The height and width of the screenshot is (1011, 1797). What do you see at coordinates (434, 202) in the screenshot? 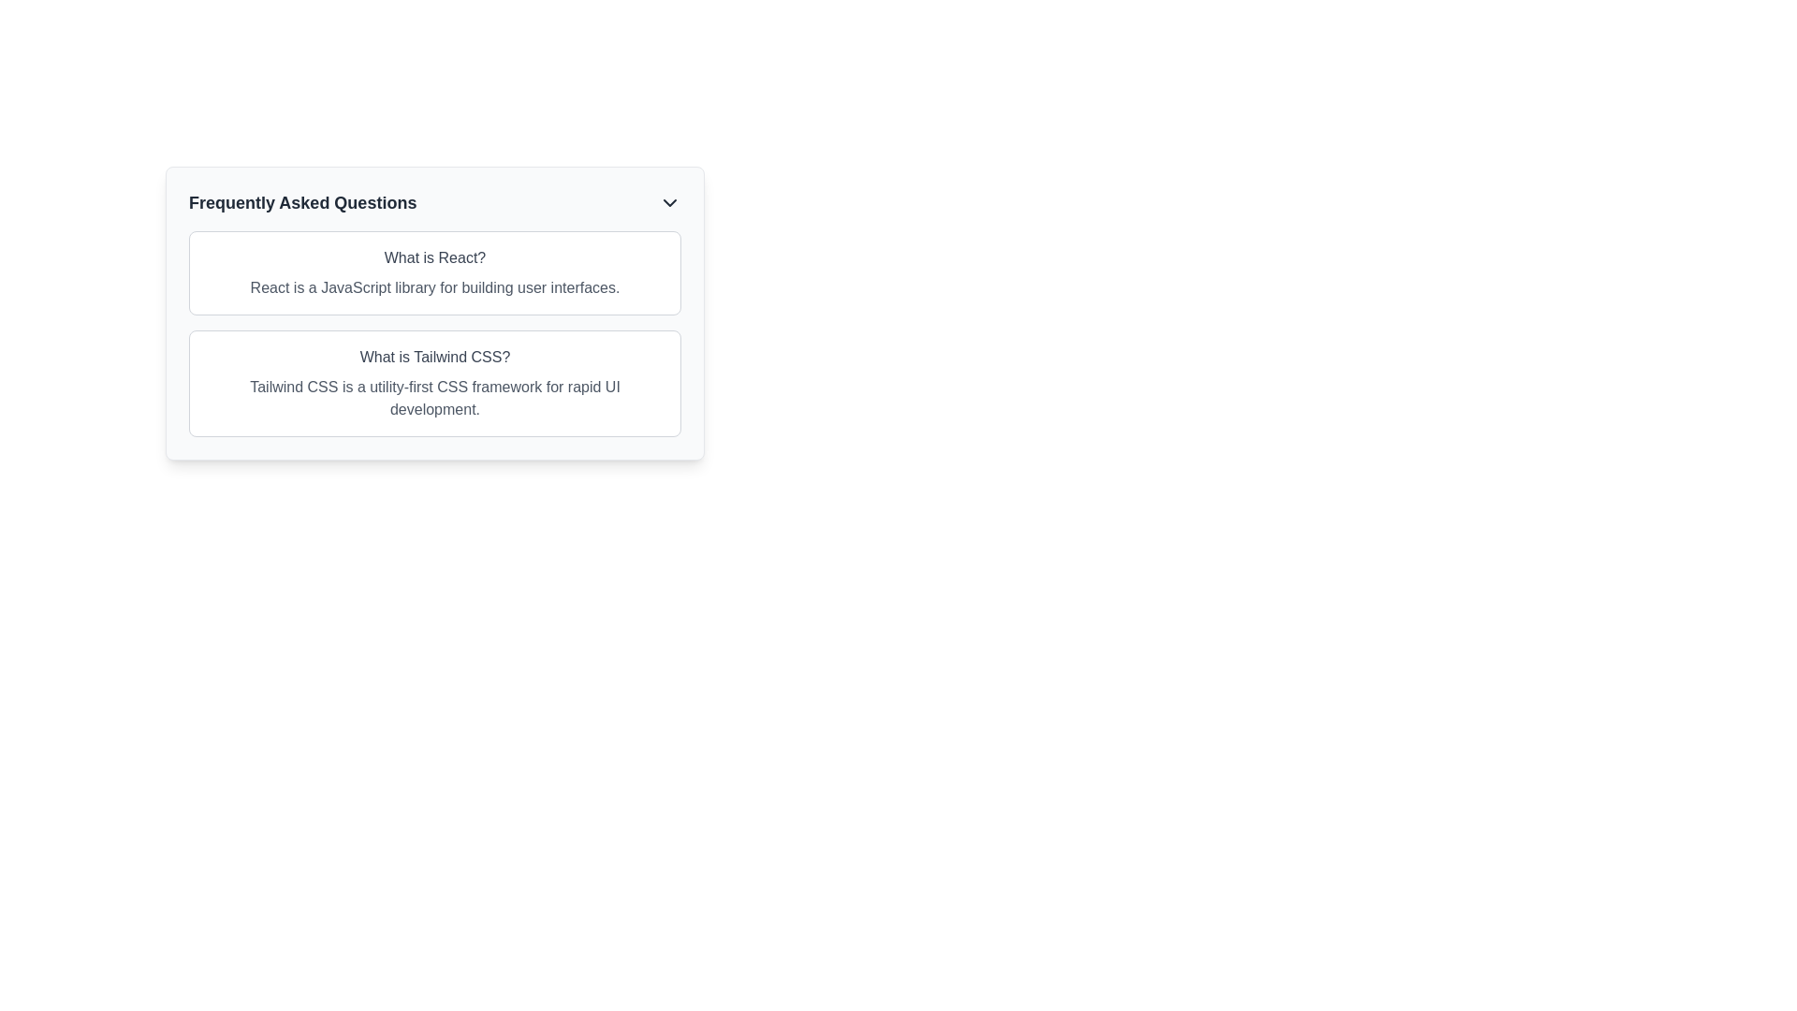
I see `the 'Frequently Asked Questions' collapsible header` at bounding box center [434, 202].